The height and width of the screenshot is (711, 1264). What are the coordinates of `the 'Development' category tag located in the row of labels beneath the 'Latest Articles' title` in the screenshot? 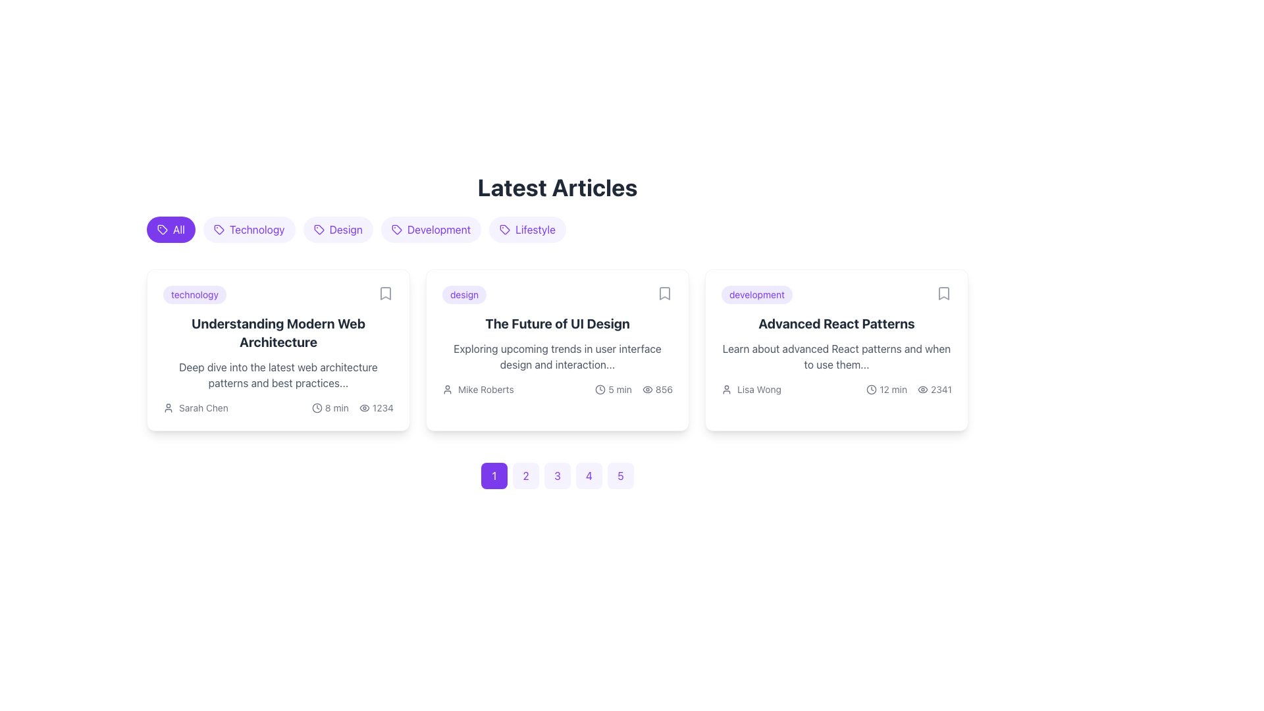 It's located at (439, 228).